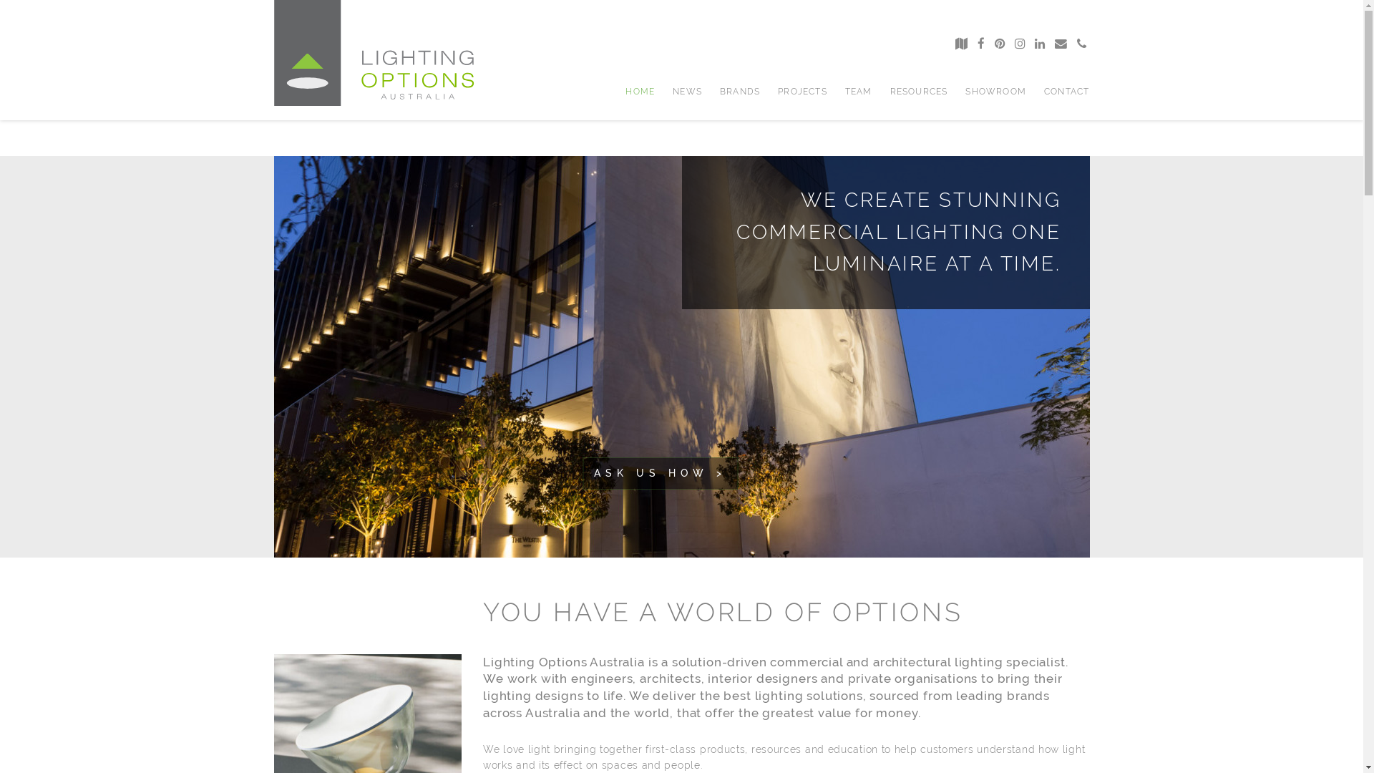  Describe the element at coordinates (687, 91) in the screenshot. I see `'NEWS'` at that location.